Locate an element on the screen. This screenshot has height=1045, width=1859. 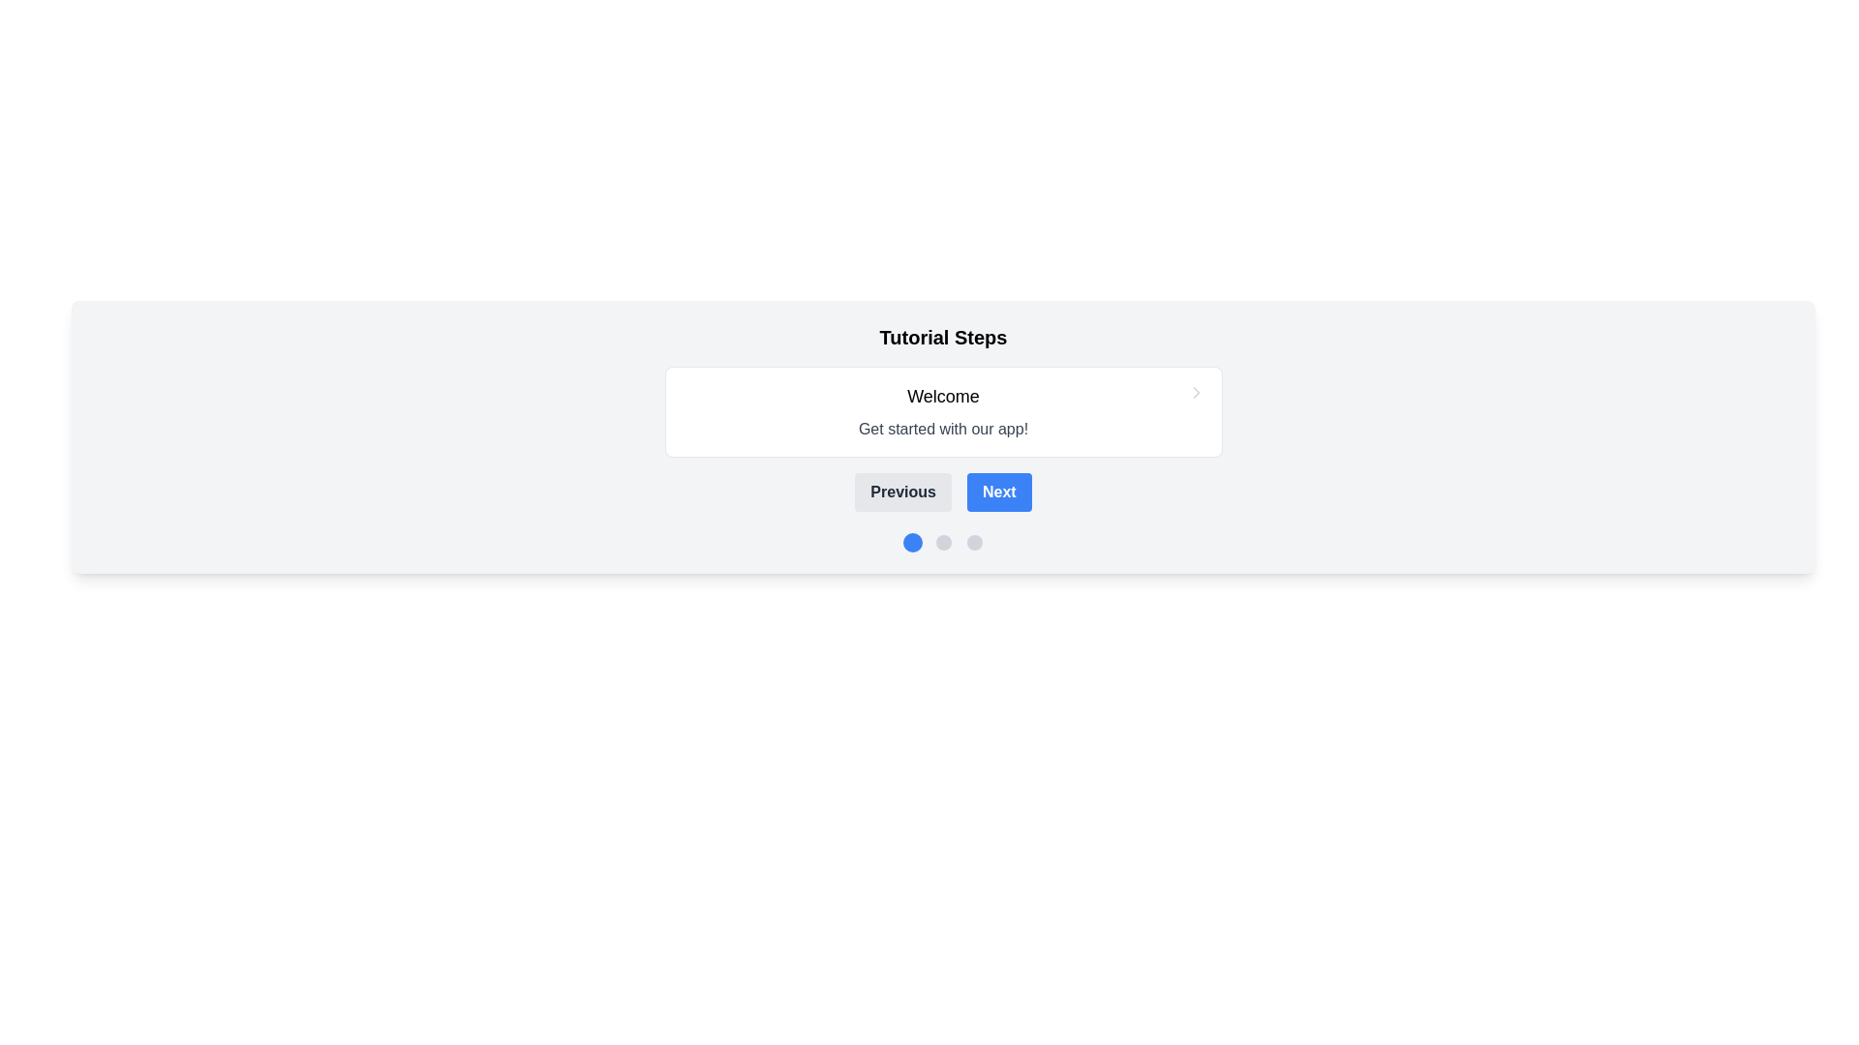
the 'Previous' button with a gray background and bold dark text, which is positioned to the left of the 'Next' button in a horizontal button group is located at coordinates (901, 492).